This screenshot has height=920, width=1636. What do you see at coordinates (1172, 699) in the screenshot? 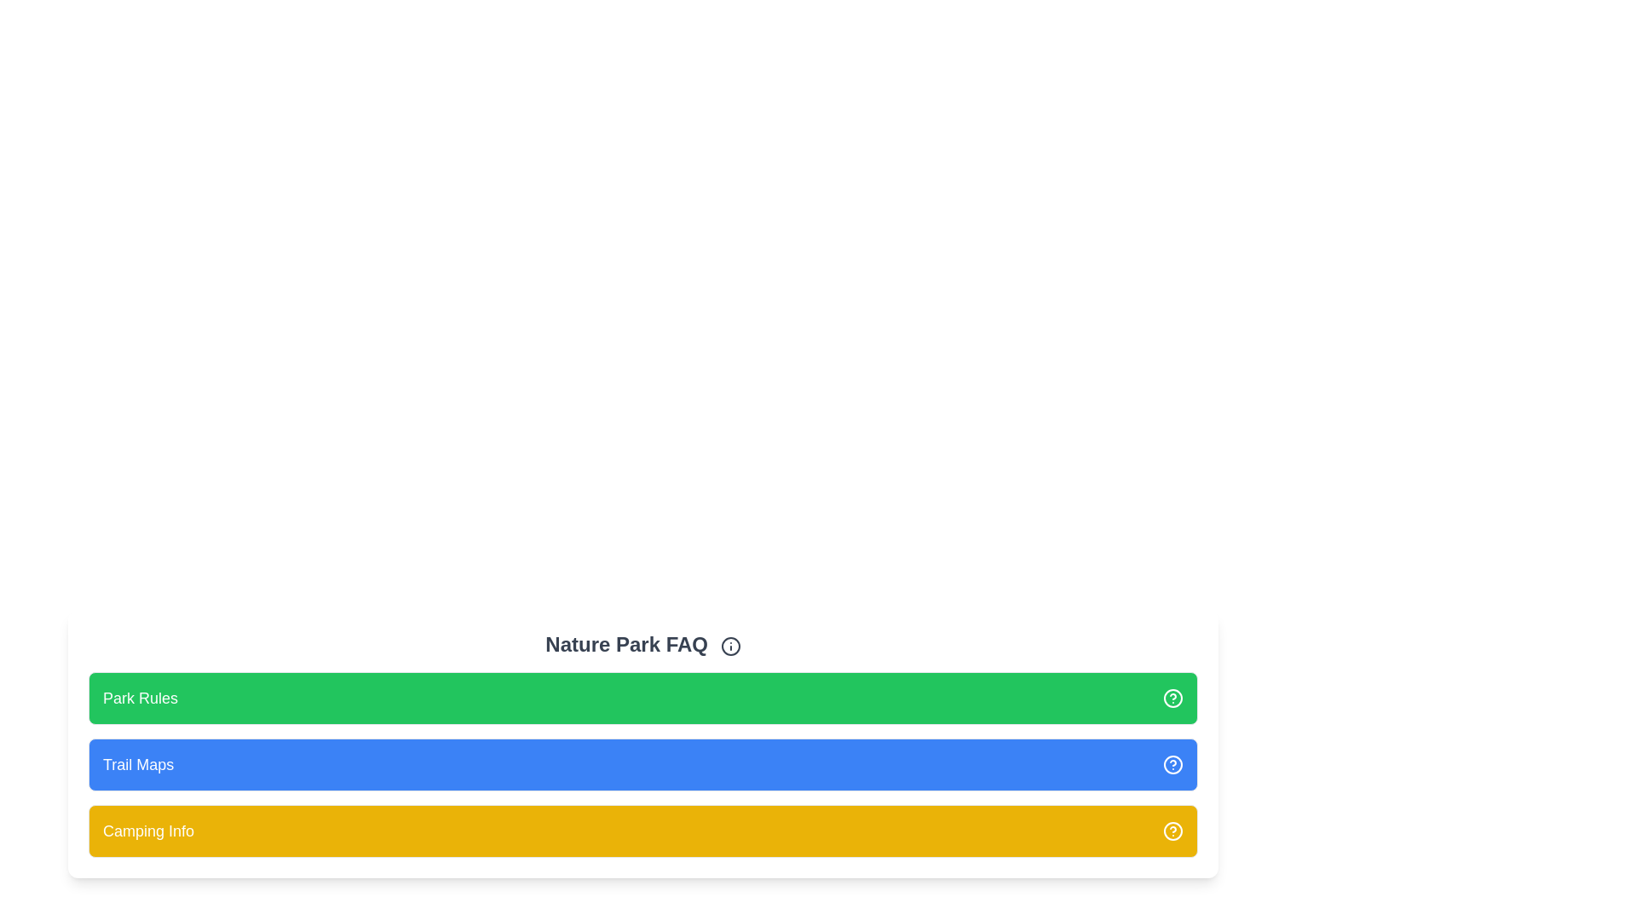
I see `the help icon located in the 'Park Rules' section, characterized by a green circular outline with a question mark inside, positioned on the far right adjacent to the 'Park Rules' text` at bounding box center [1172, 699].